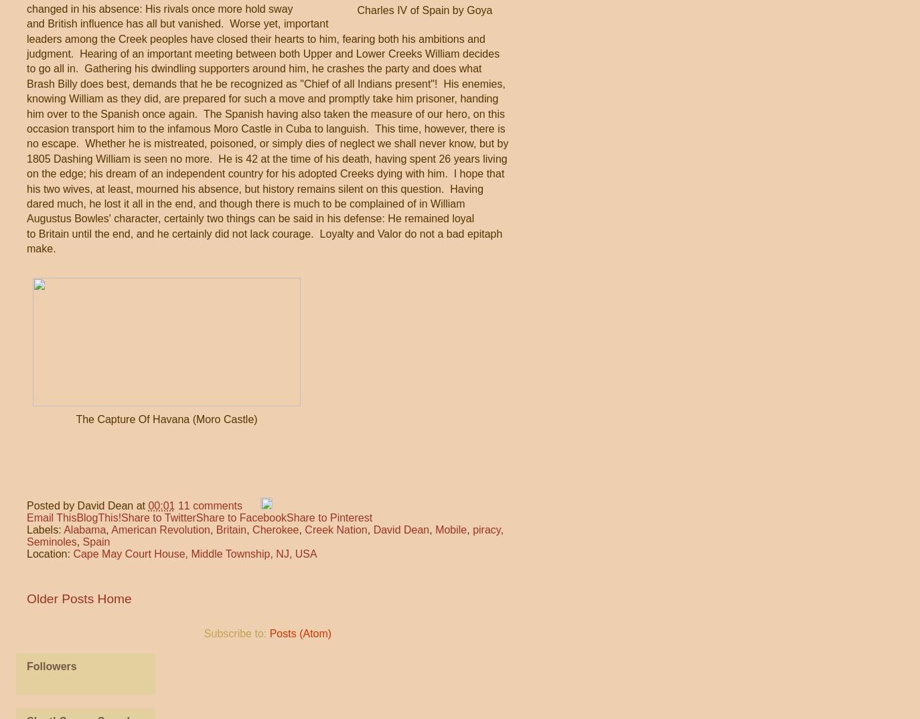 The image size is (920, 719). I want to click on 'Share to Pinterest', so click(287, 517).